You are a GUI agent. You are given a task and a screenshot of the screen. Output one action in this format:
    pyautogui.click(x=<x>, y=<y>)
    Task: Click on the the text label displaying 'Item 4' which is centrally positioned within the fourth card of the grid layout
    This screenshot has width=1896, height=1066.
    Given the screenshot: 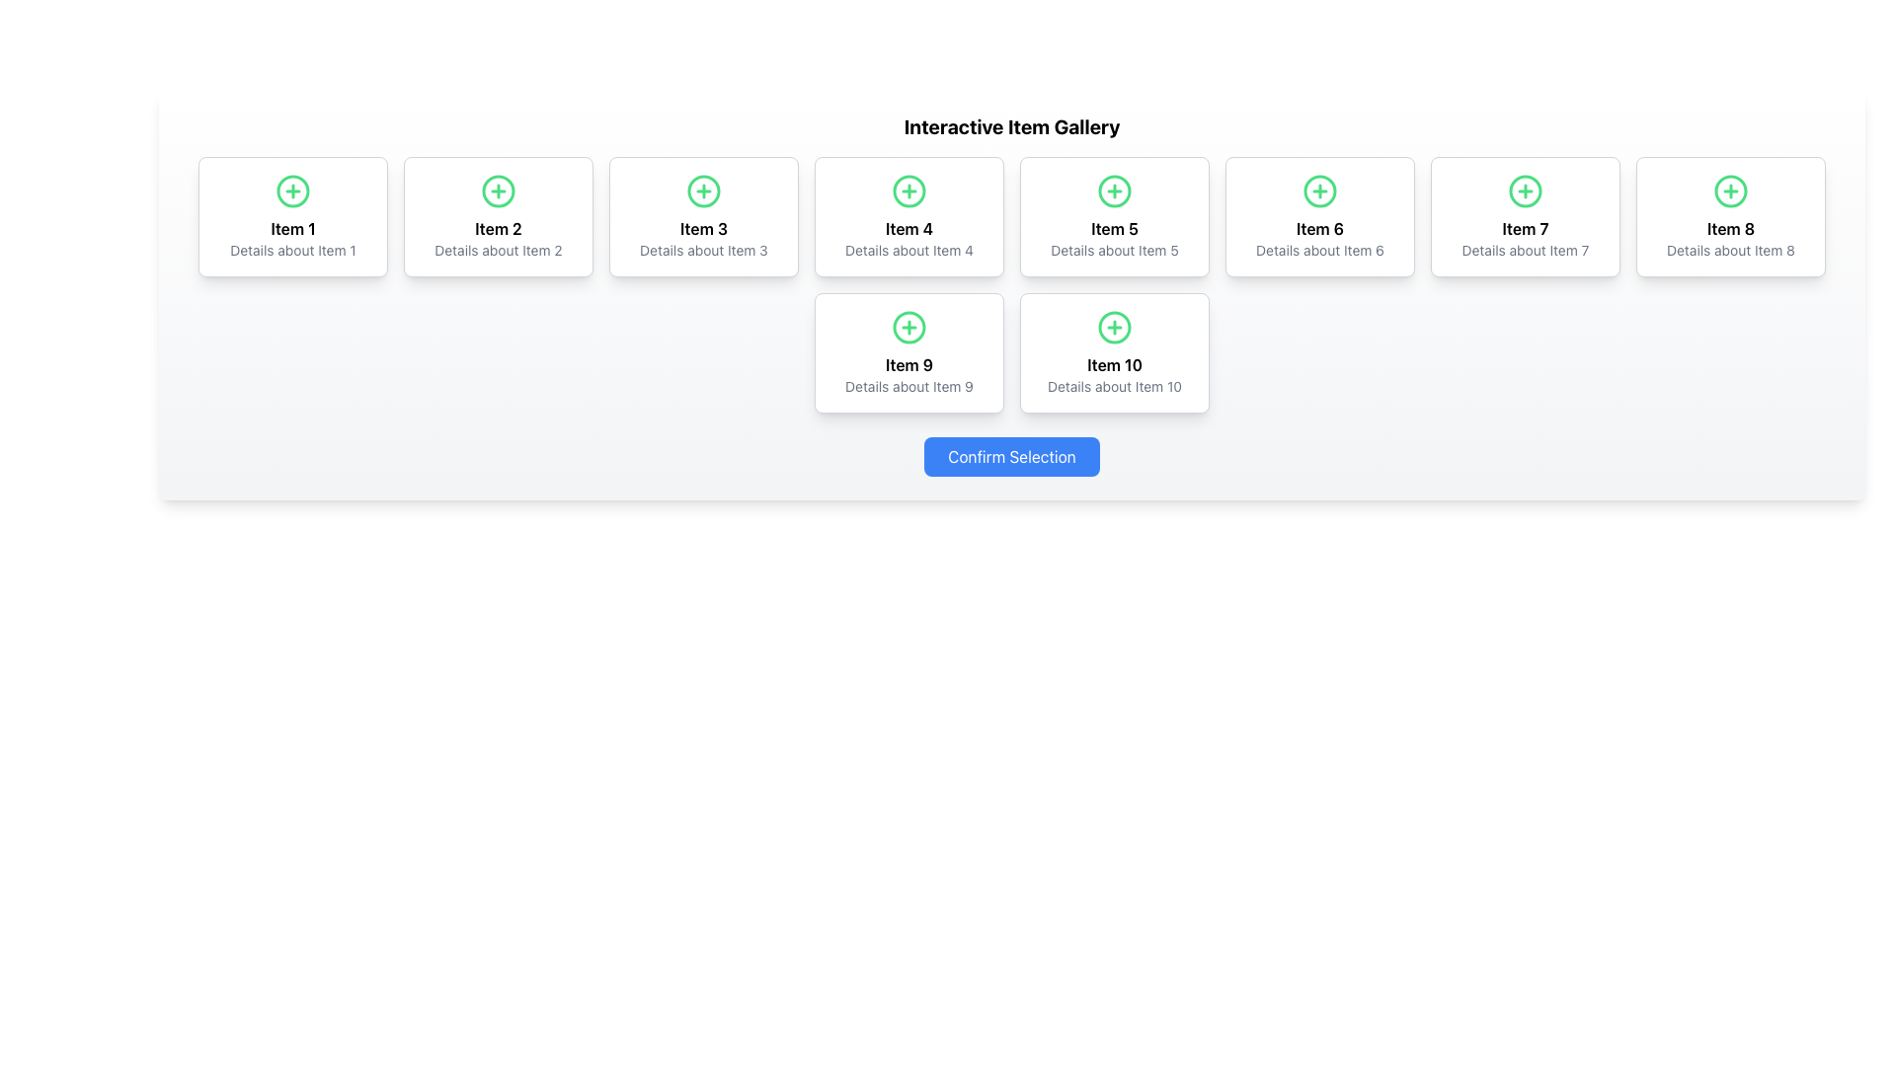 What is the action you would take?
    pyautogui.click(x=908, y=227)
    